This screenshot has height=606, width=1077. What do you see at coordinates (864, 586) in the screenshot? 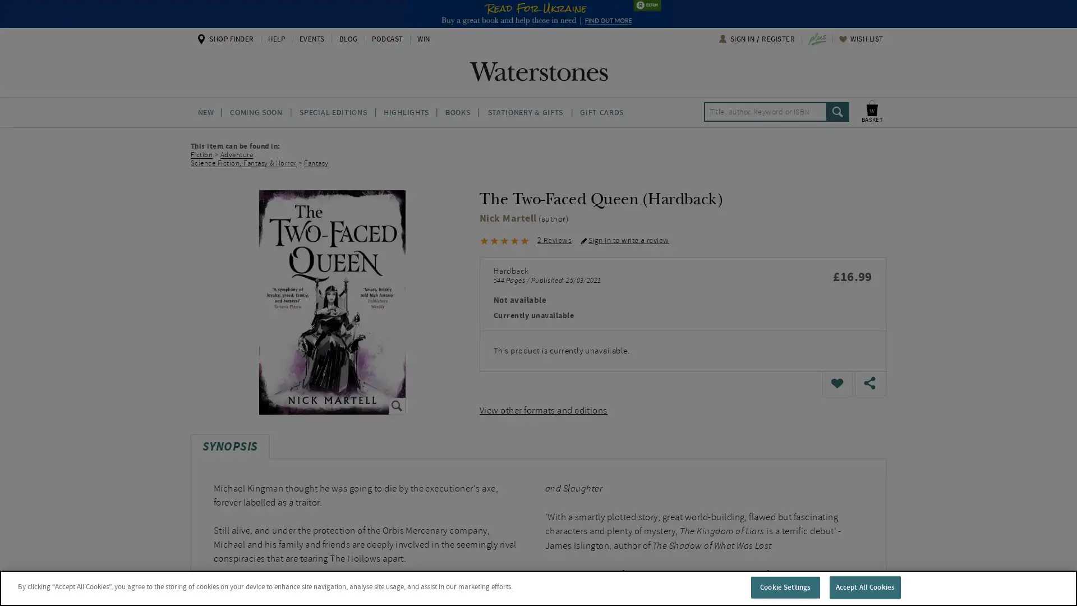
I see `Accept All Cookies` at bounding box center [864, 586].